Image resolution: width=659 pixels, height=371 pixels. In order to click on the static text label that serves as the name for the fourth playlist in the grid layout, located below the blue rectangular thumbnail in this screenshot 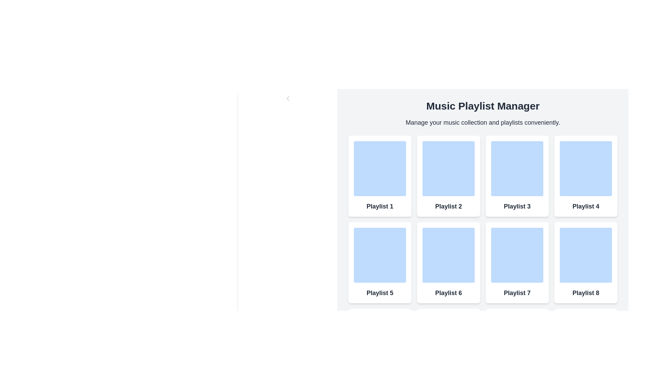, I will do `click(586, 206)`.